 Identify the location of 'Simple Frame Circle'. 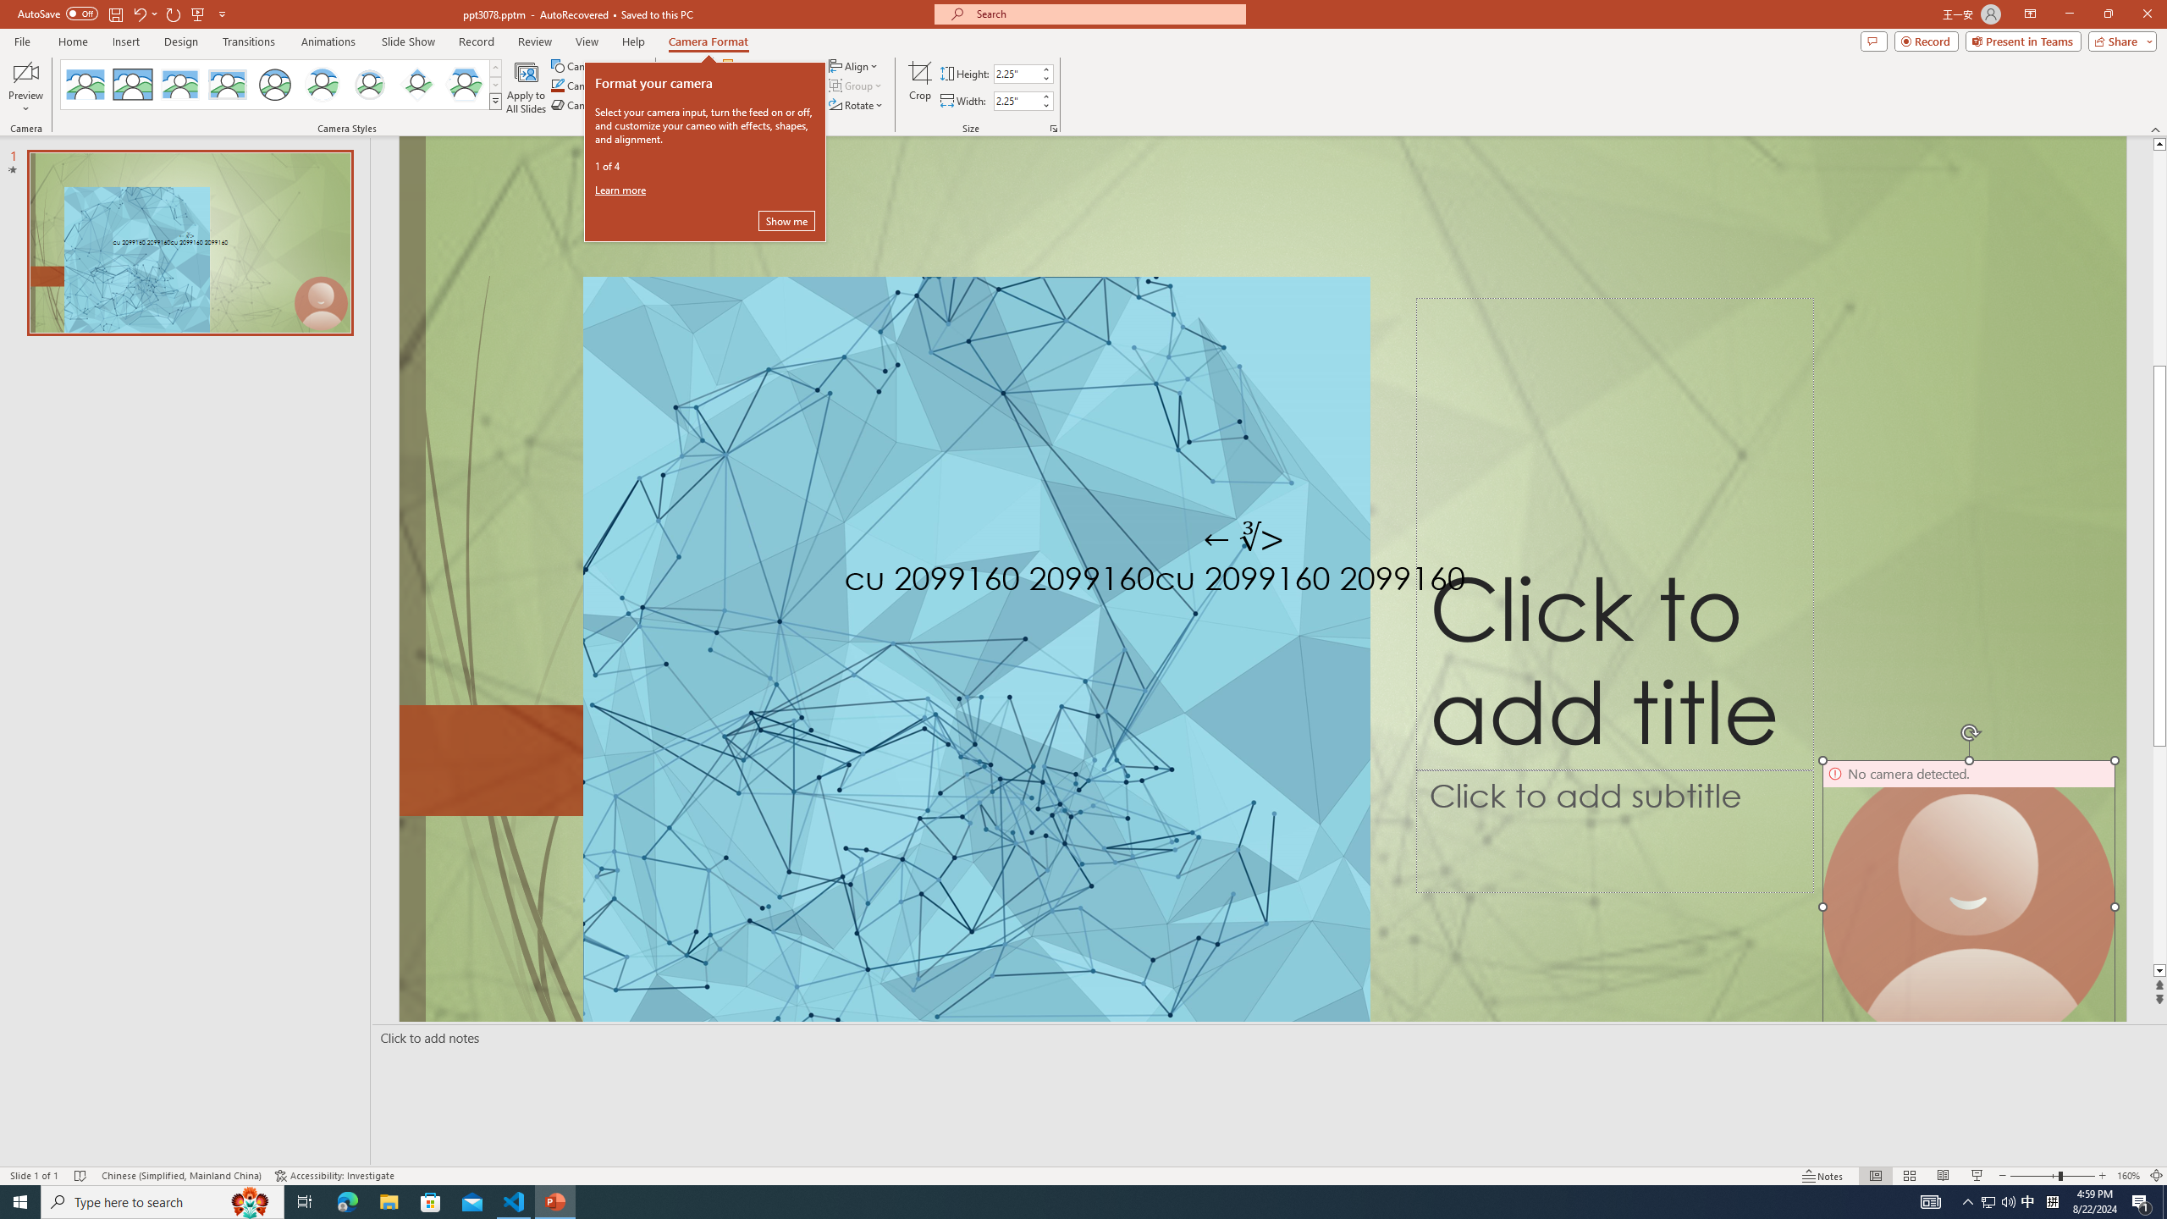
(275, 84).